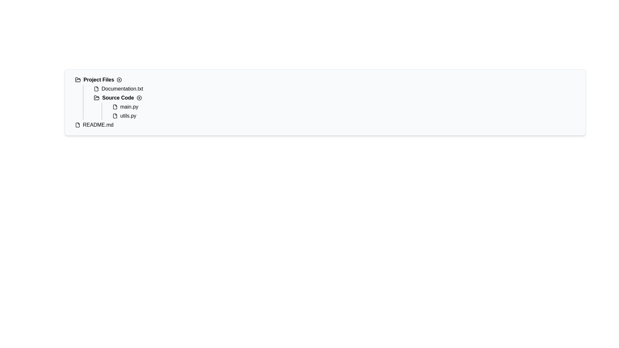 The width and height of the screenshot is (619, 348). Describe the element at coordinates (96, 89) in the screenshot. I see `the file icon representing 'Documentation.txt', which is a minimalistic, rounded-edge icon located in the right panel under 'Project Files'` at that location.